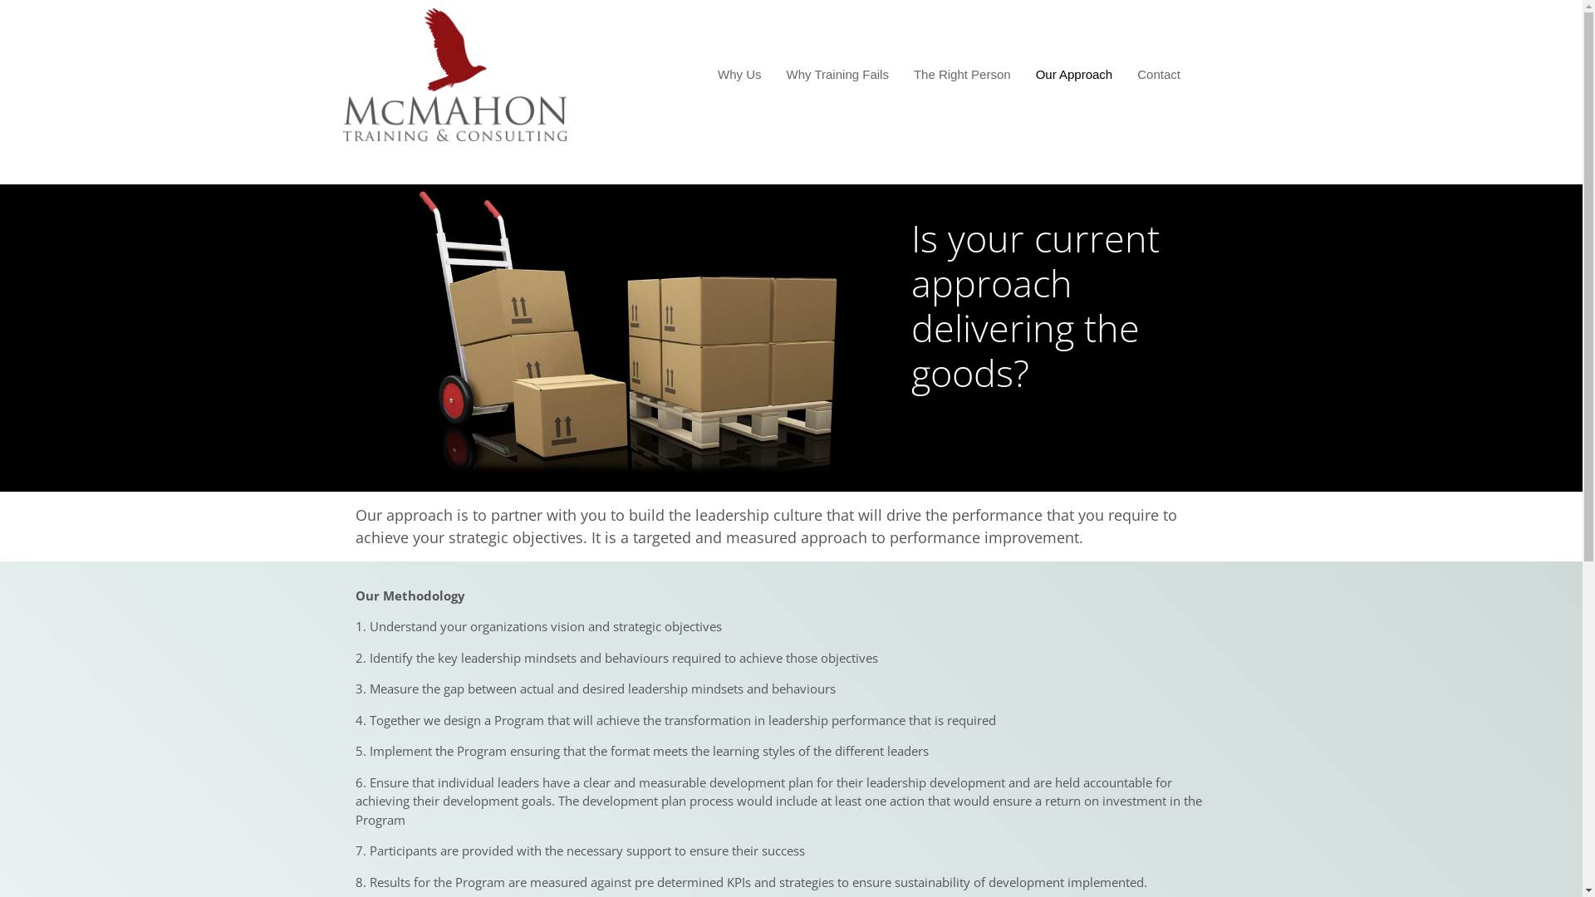  I want to click on 'Why Us', so click(705, 73).